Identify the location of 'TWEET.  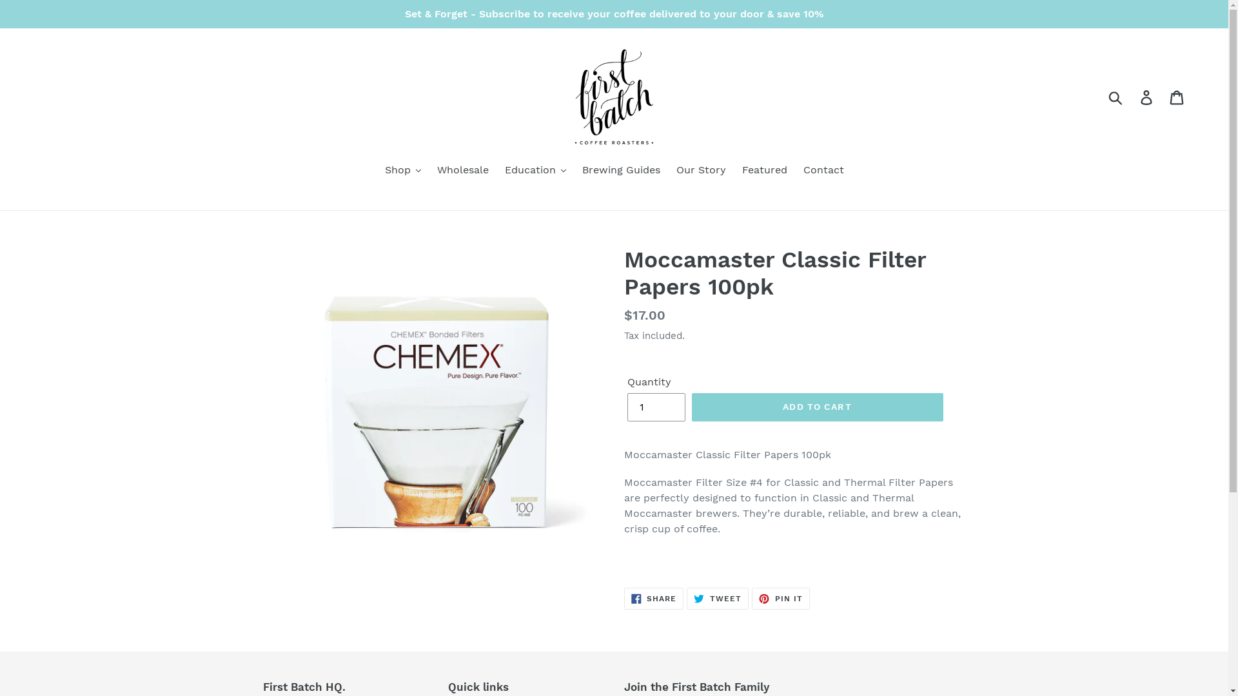
(686, 599).